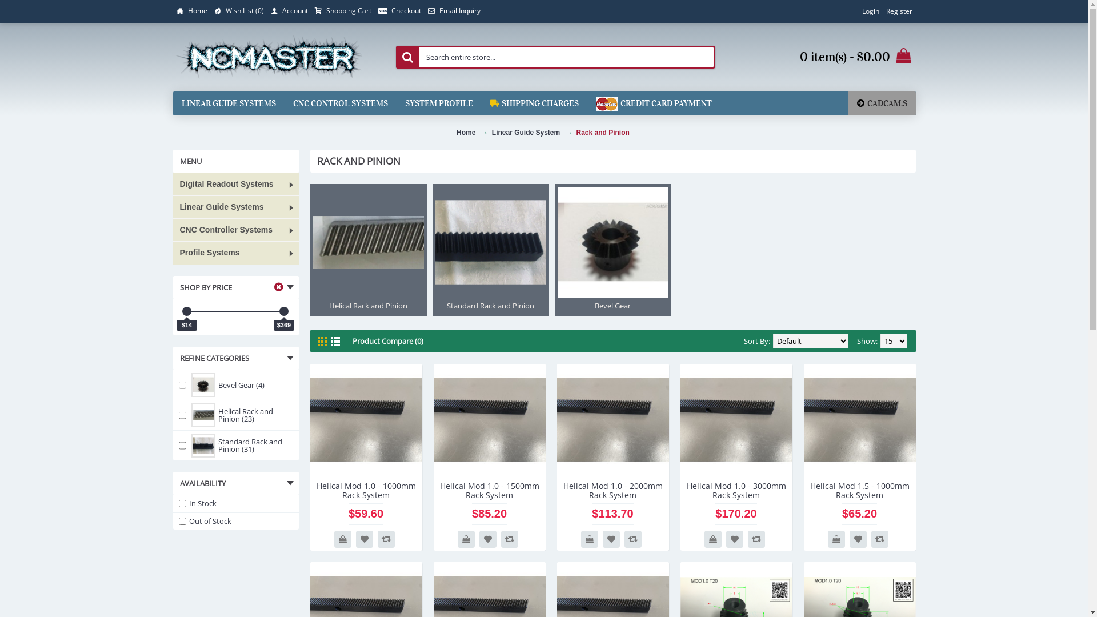 The height and width of the screenshot is (617, 1097). What do you see at coordinates (268, 57) in the screenshot?
I see `'NCMaster Industries'` at bounding box center [268, 57].